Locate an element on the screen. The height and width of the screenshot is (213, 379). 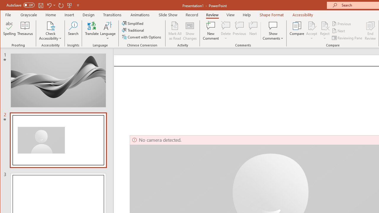
'Compare' is located at coordinates (297, 31).